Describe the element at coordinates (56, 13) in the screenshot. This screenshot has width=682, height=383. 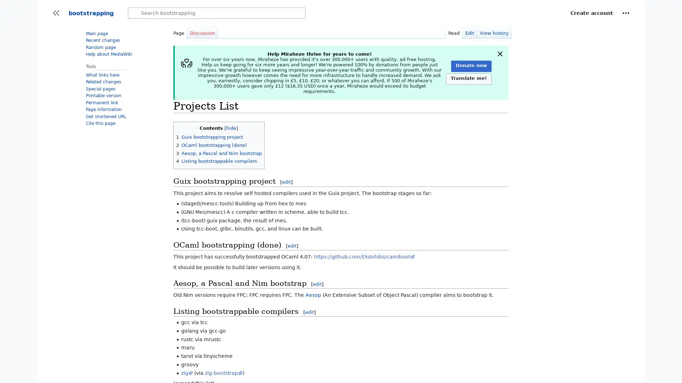
I see `Toggle sidebar` at that location.